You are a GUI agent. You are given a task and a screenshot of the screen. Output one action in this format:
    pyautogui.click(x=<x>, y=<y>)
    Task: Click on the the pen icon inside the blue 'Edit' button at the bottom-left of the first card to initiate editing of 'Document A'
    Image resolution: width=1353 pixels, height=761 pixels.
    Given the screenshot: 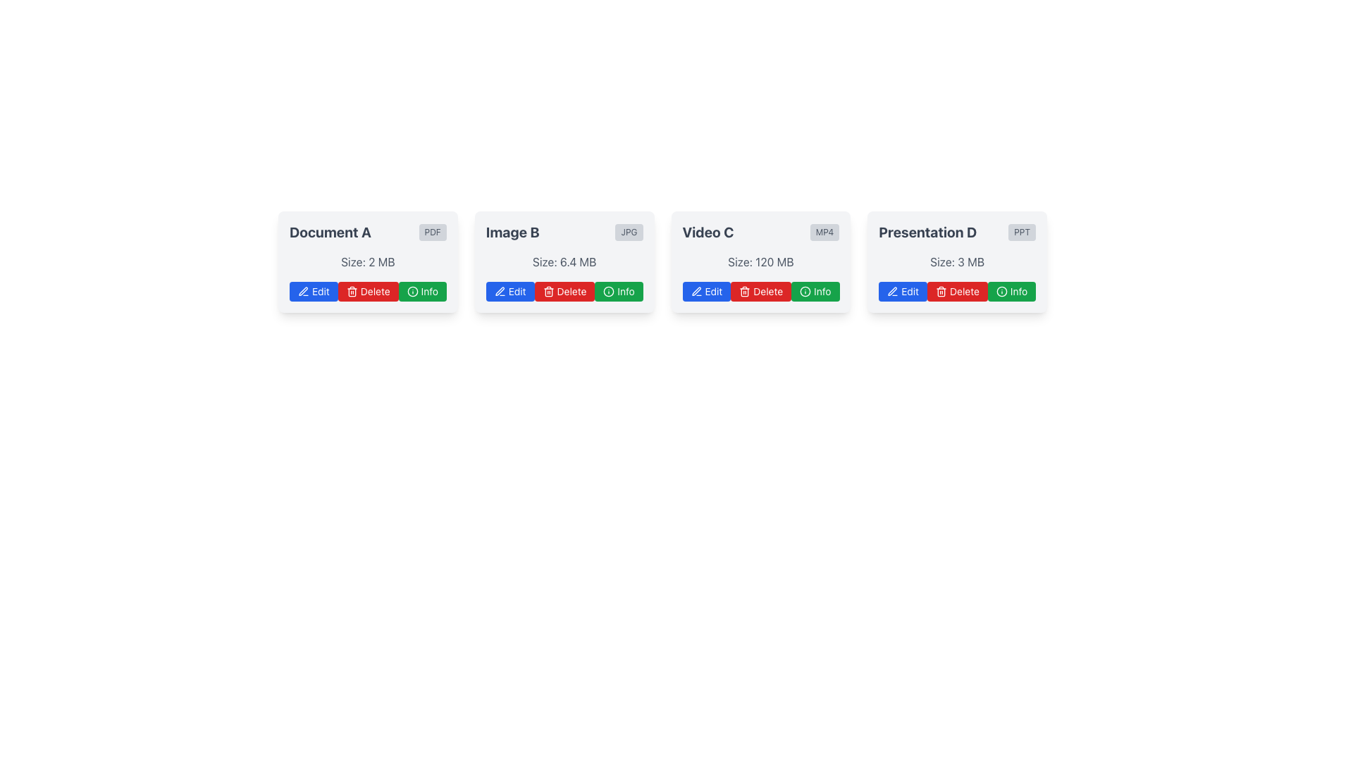 What is the action you would take?
    pyautogui.click(x=303, y=290)
    